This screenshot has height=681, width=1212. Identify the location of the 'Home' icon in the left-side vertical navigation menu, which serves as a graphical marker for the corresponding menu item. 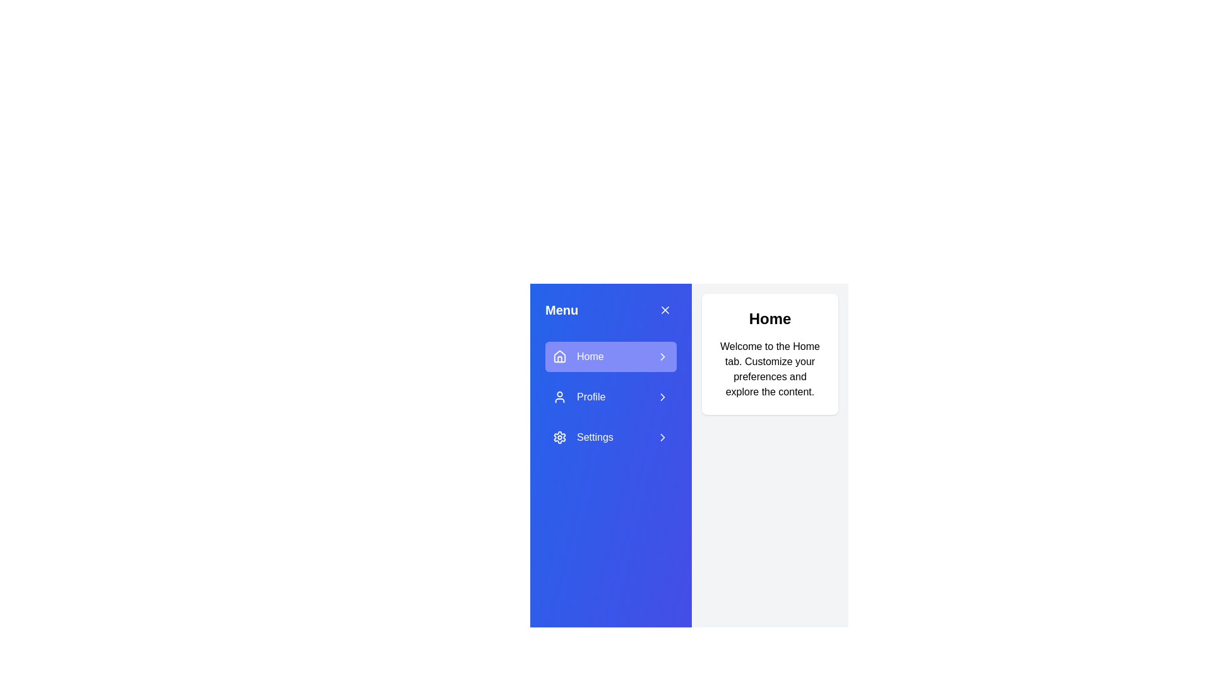
(559, 356).